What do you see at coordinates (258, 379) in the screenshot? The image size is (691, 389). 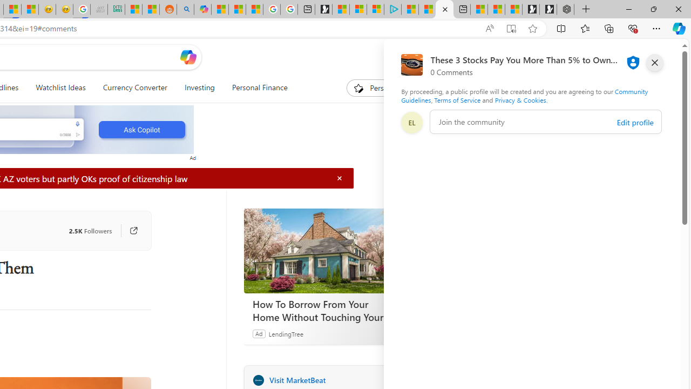 I see `'MarketBeat'` at bounding box center [258, 379].